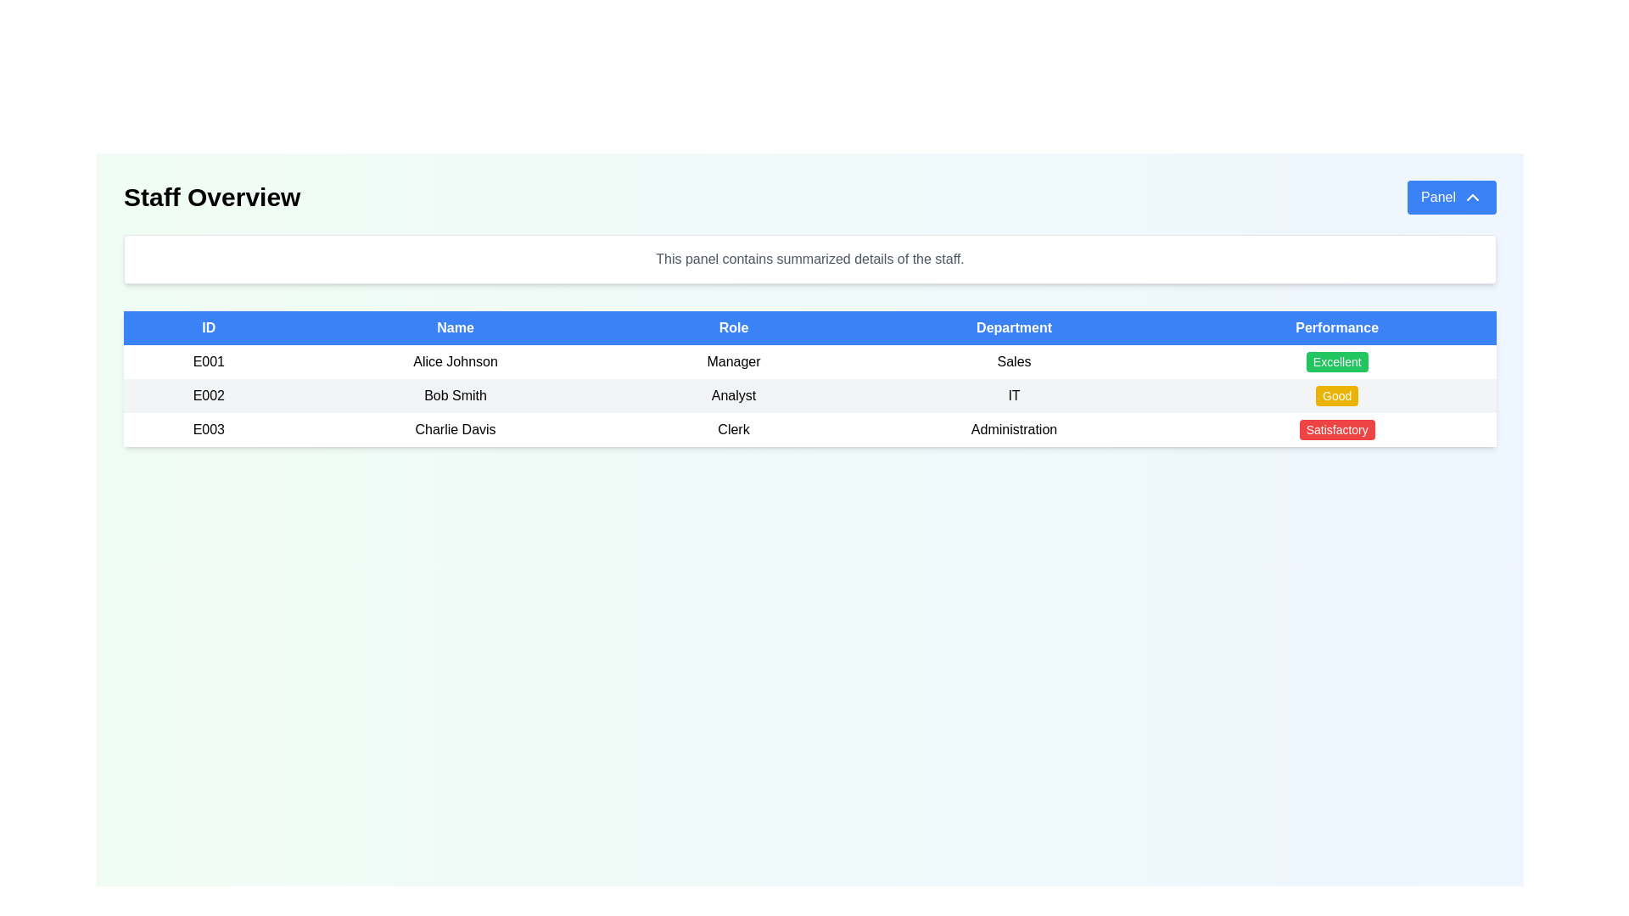  Describe the element at coordinates (1451, 196) in the screenshot. I see `the blue rectangular button labeled 'Panel' with an upward-pointing arrow icon` at that location.